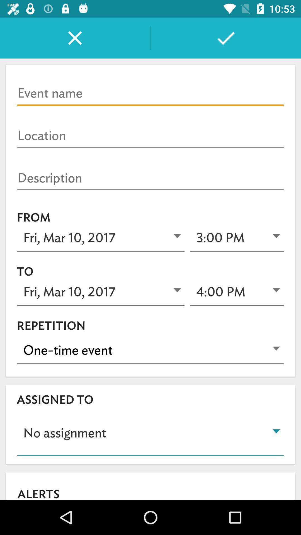  Describe the element at coordinates (151, 350) in the screenshot. I see `icon above assigned to item` at that location.